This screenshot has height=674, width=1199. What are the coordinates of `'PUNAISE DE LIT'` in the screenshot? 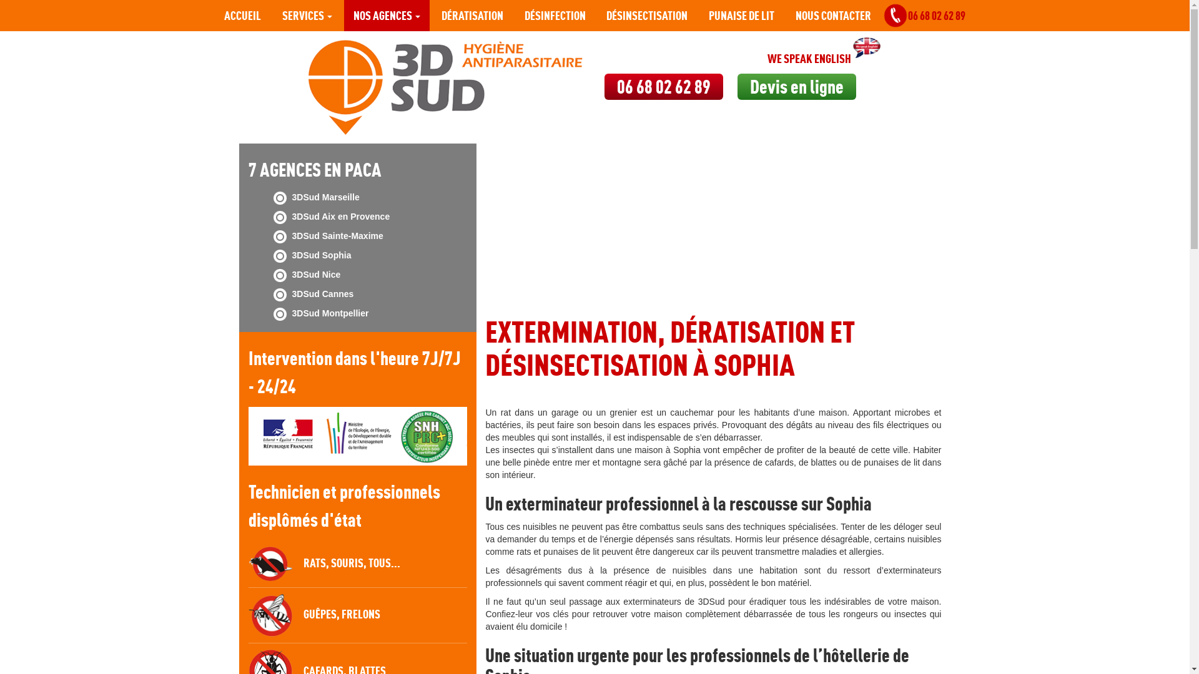 It's located at (741, 15).